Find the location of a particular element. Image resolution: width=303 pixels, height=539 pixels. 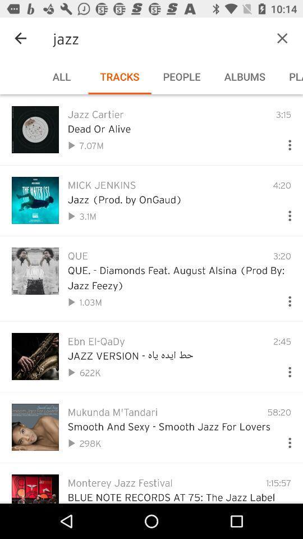

song options is located at coordinates (285, 298).